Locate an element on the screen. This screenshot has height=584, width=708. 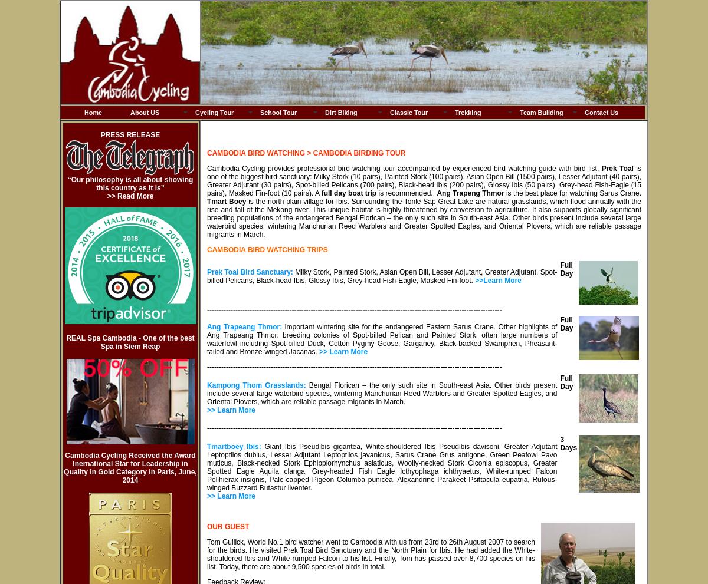
'Milky Stork, Painted Stork, Asian Open Bill, Lesser Adjutant,   			Greater Adjutant, Spot-billed Pelicans, Black-head Ibis, Glossy   			Ibis, Grey-head Fish-Eagle, Masked Fin-foot.' is located at coordinates (382, 276).